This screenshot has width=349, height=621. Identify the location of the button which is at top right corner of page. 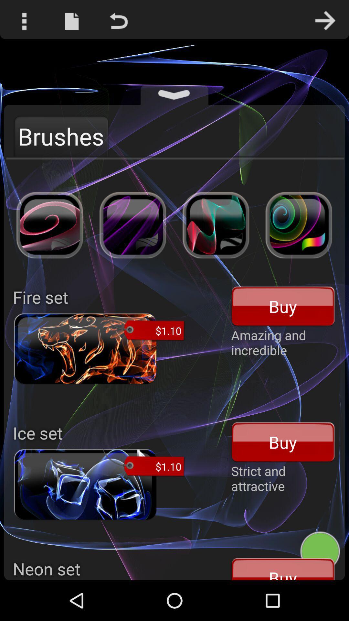
(325, 19).